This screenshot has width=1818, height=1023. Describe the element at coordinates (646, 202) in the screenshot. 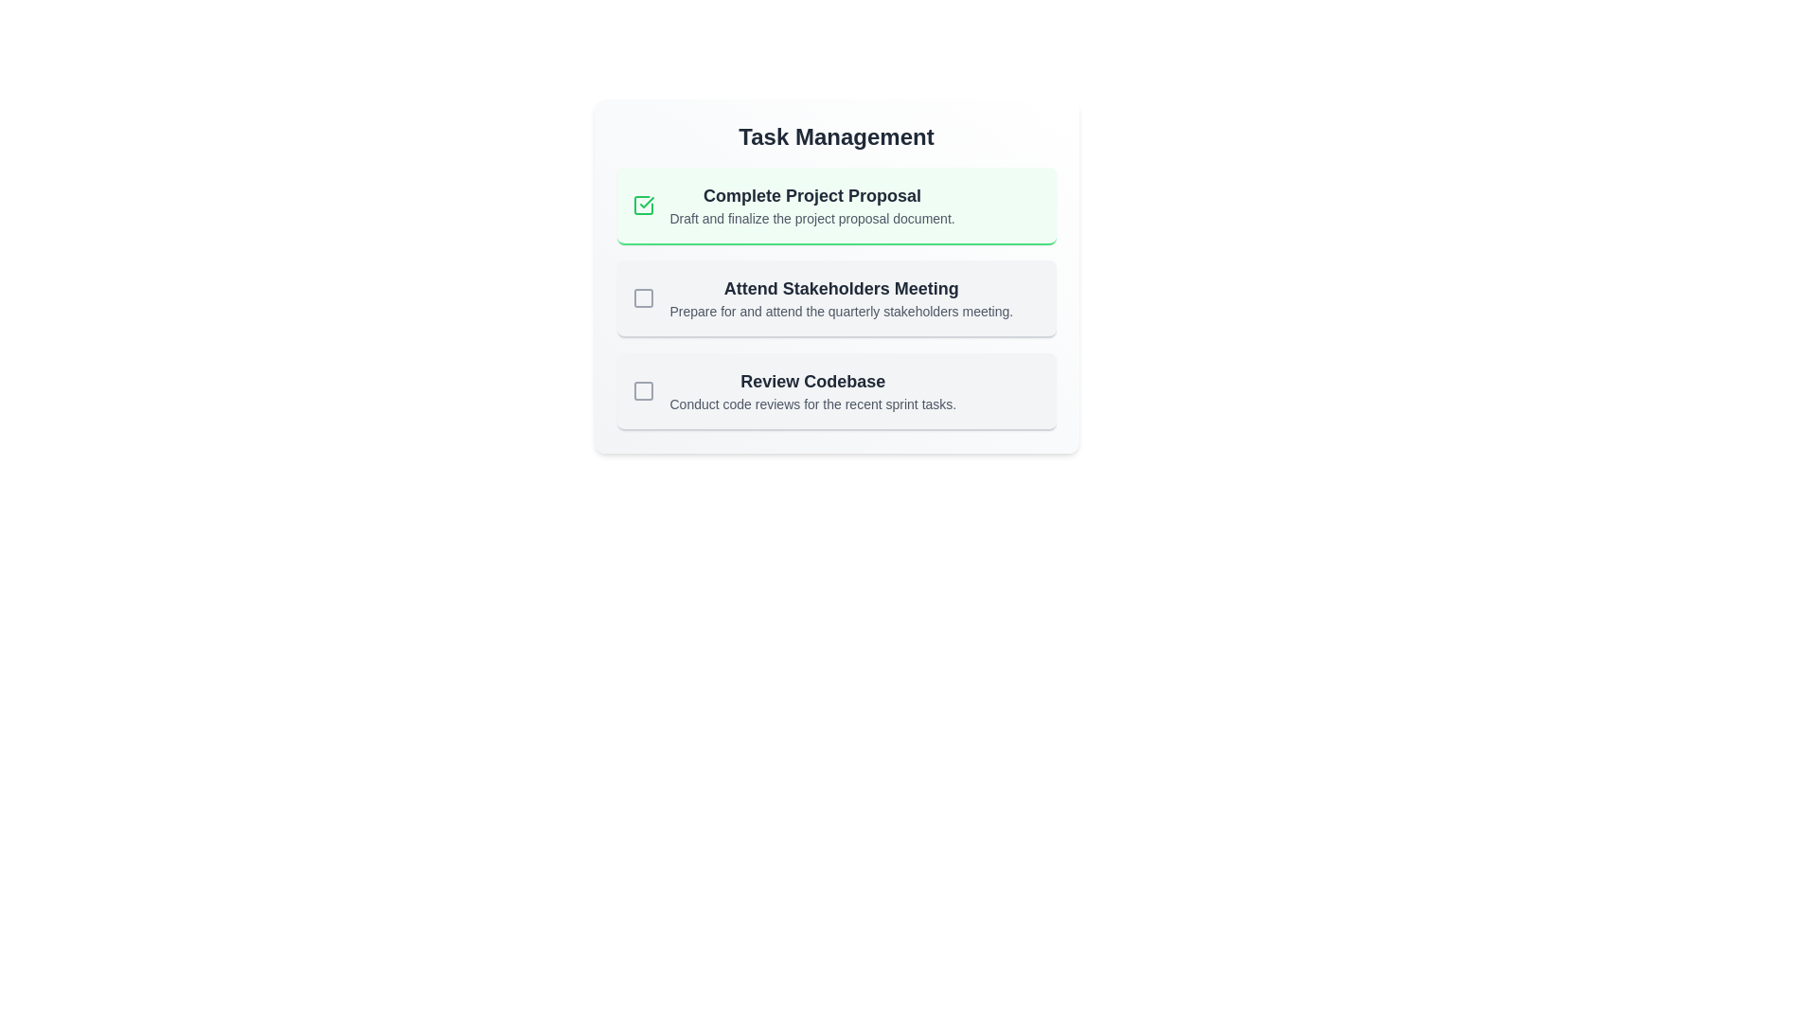

I see `the state of the task by clicking on the green checkmark icon associated with the 'Complete Project Proposal' task` at that location.